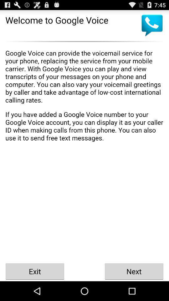  I want to click on the icon next to the next button, so click(35, 271).